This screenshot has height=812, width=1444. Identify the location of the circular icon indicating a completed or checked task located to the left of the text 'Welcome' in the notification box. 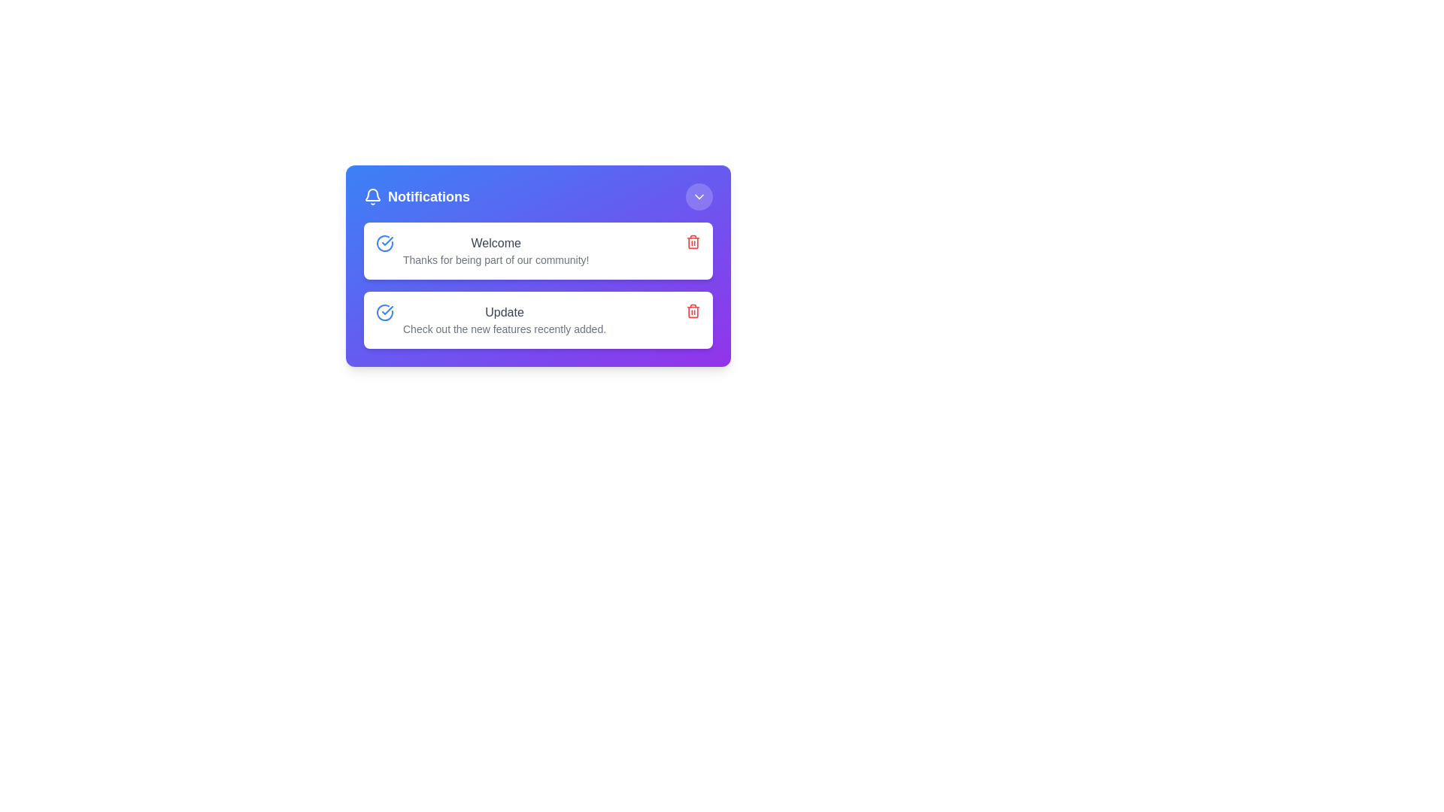
(387, 309).